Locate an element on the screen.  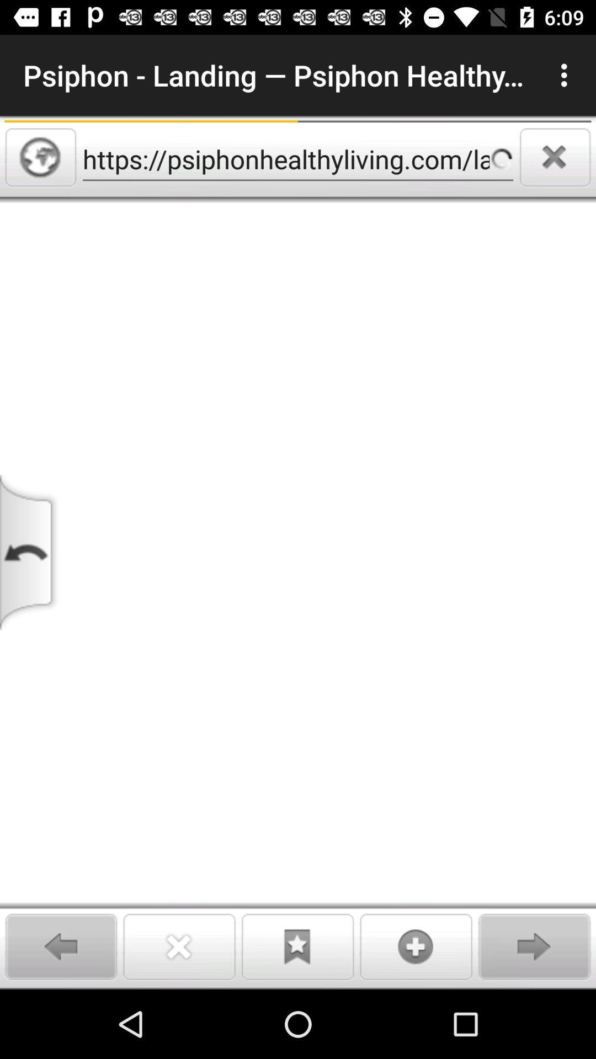
search browser is located at coordinates (40, 157).